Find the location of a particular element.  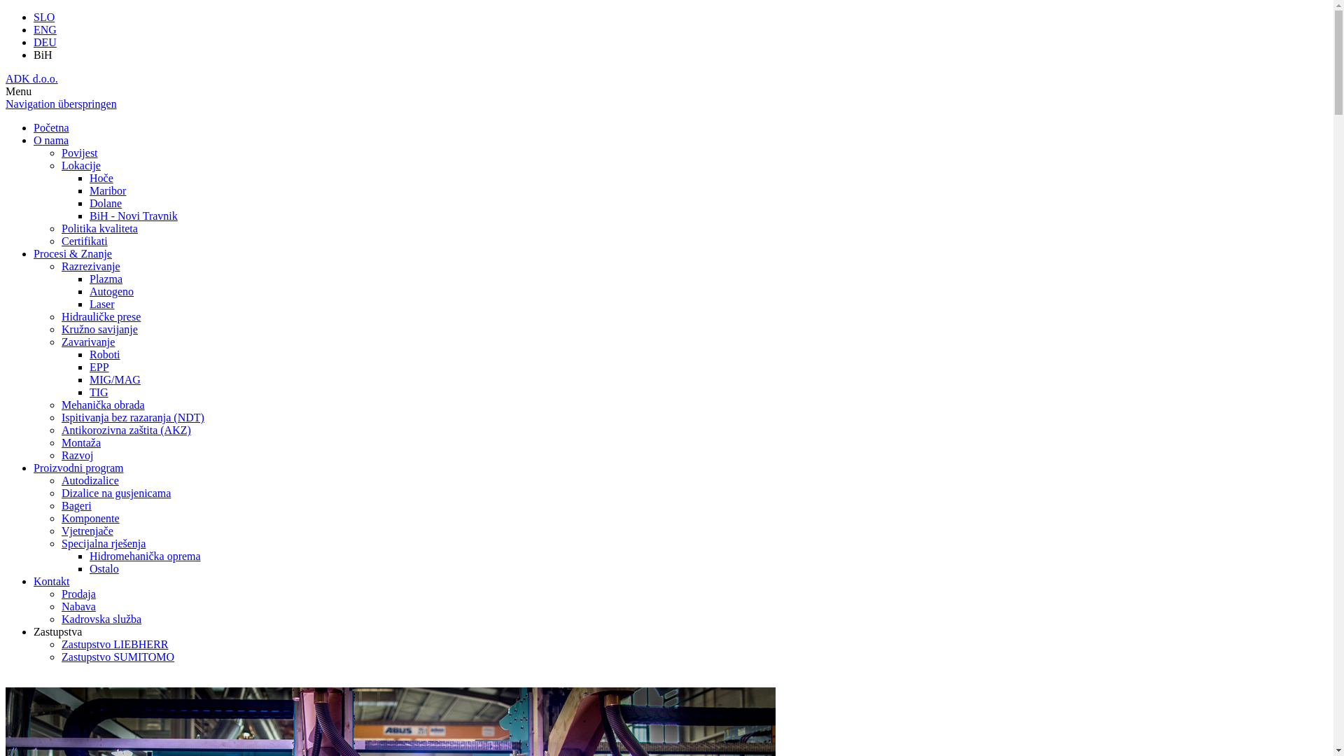

'Laser' is located at coordinates (101, 303).